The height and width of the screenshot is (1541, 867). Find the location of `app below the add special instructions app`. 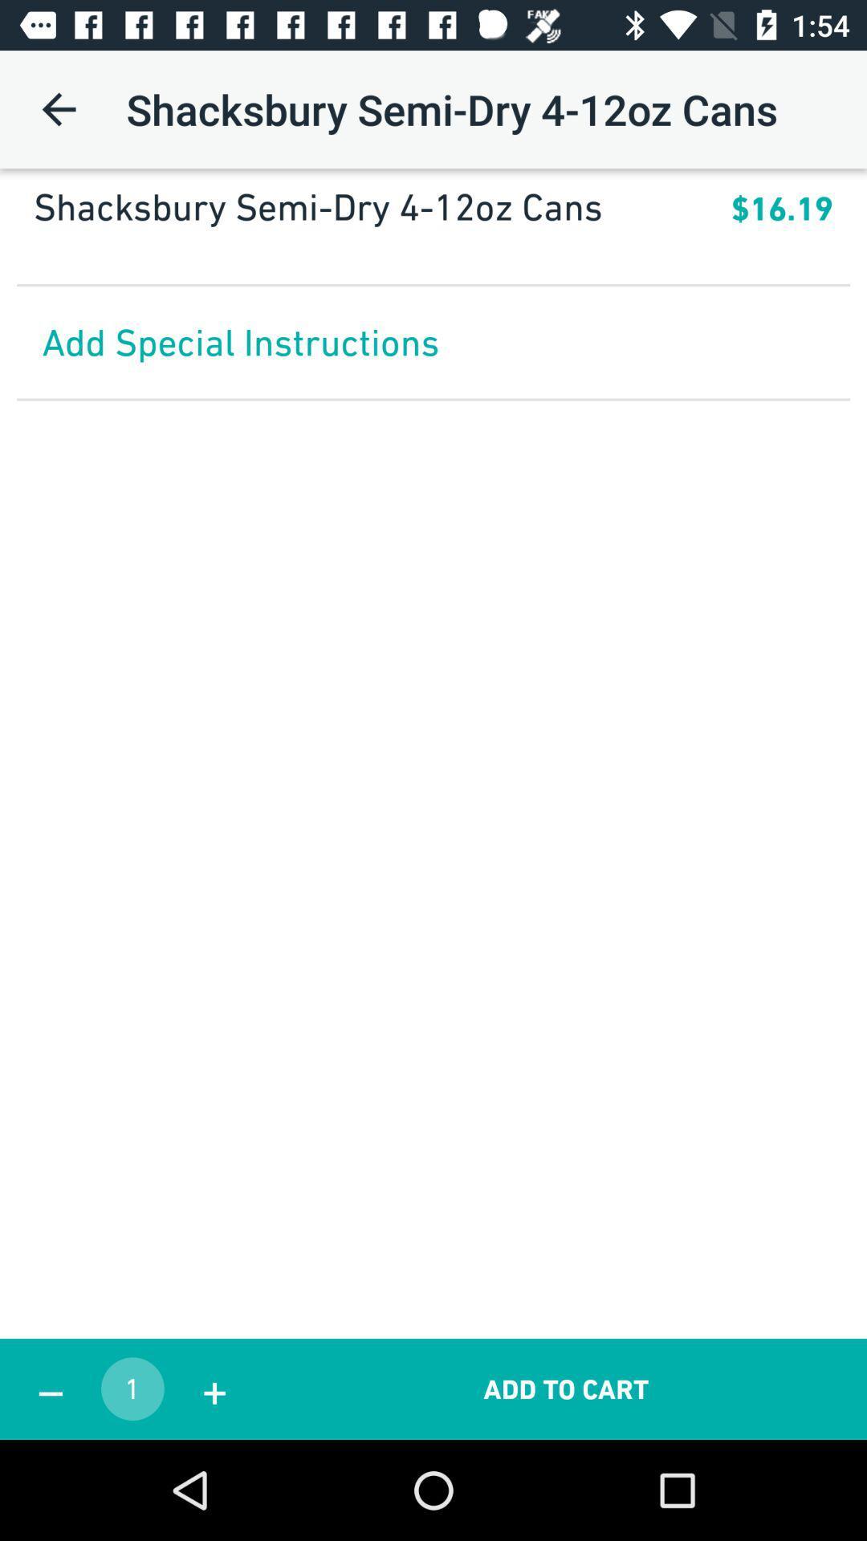

app below the add special instructions app is located at coordinates (565, 1389).